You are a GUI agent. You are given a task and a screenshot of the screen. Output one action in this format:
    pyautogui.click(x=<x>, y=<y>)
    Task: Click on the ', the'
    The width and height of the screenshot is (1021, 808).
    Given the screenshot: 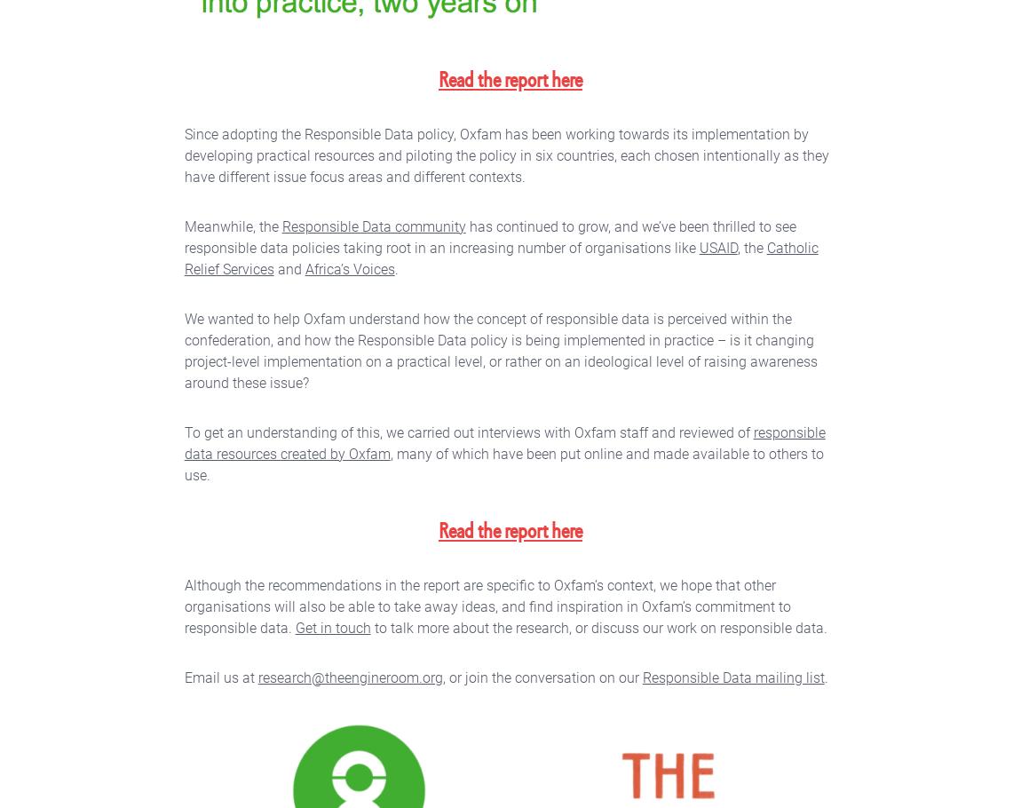 What is the action you would take?
    pyautogui.click(x=735, y=246)
    